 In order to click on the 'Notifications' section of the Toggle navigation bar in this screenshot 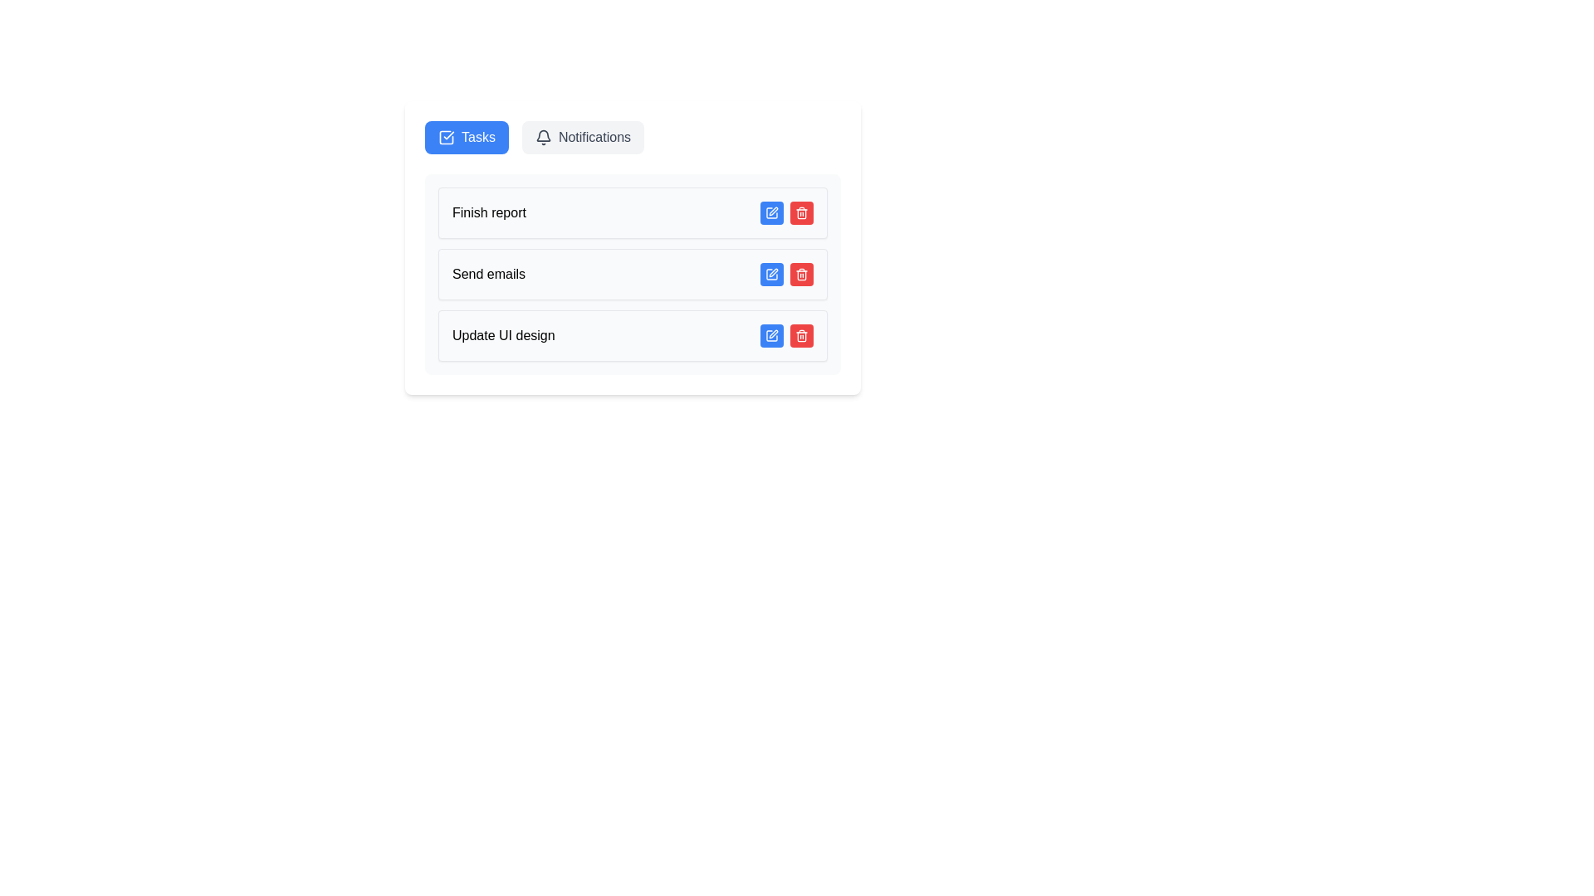, I will do `click(632, 136)`.